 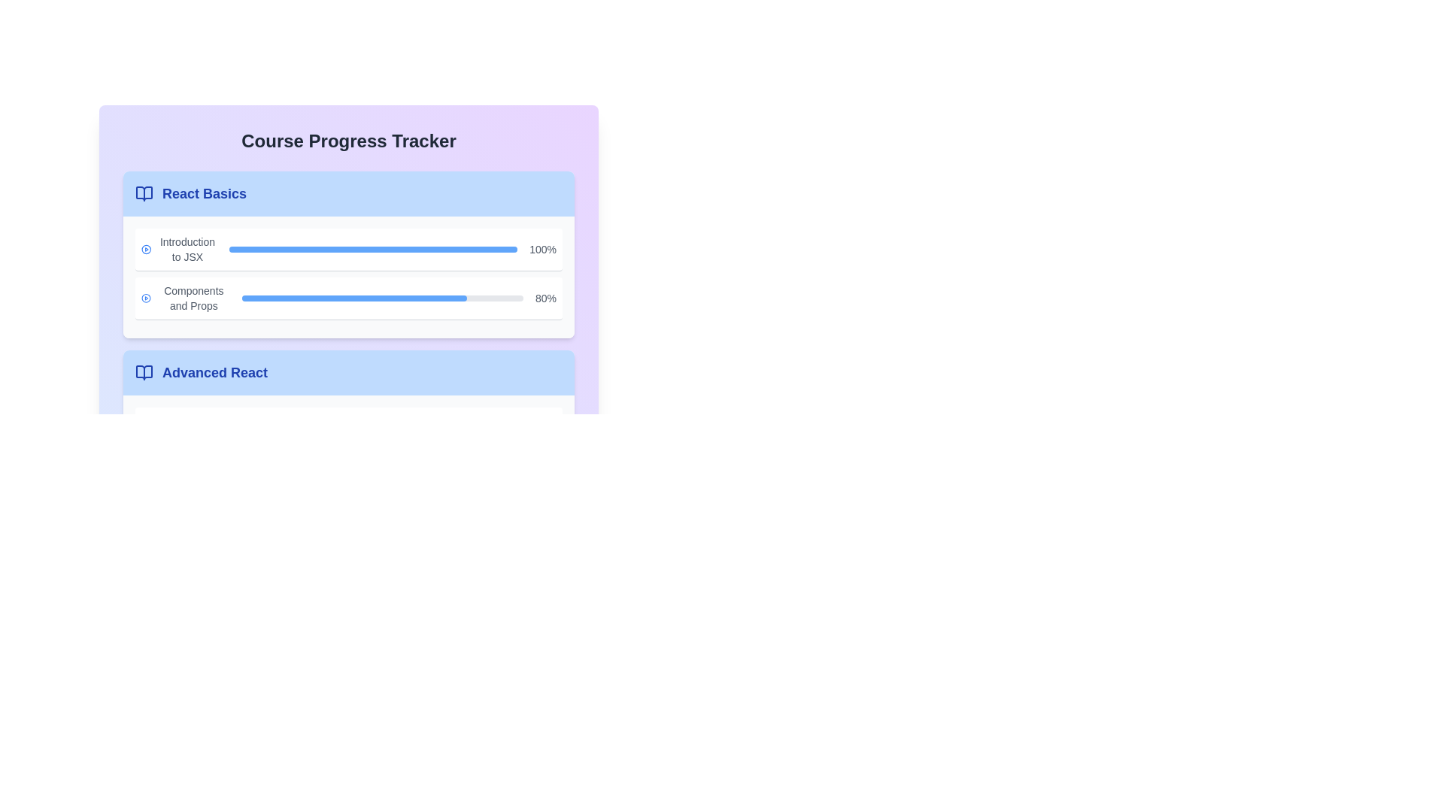 I want to click on the progress bar indicator representing 80% completion for the 'Components and Props' course section, which is located below the 'Introduction to JSX' section, so click(x=353, y=298).